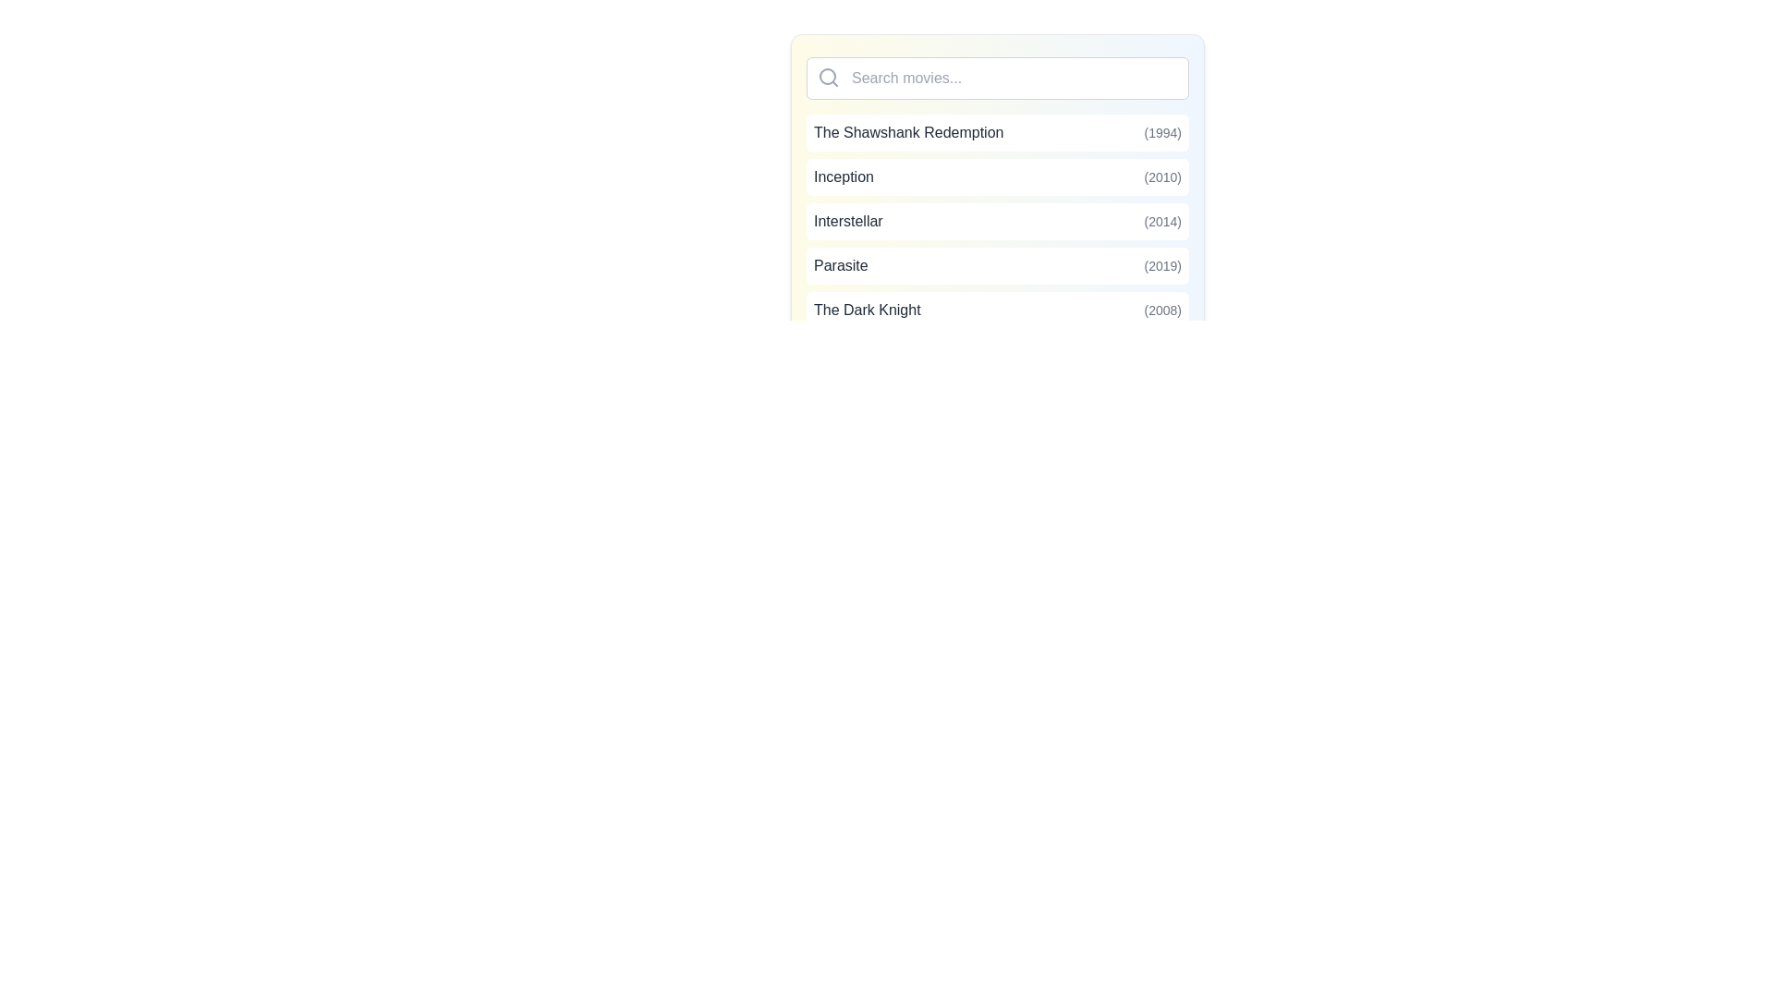 The height and width of the screenshot is (998, 1774). Describe the element at coordinates (828, 77) in the screenshot. I see `the magnifying glass icon, which represents the search feature, to initiate the search` at that location.